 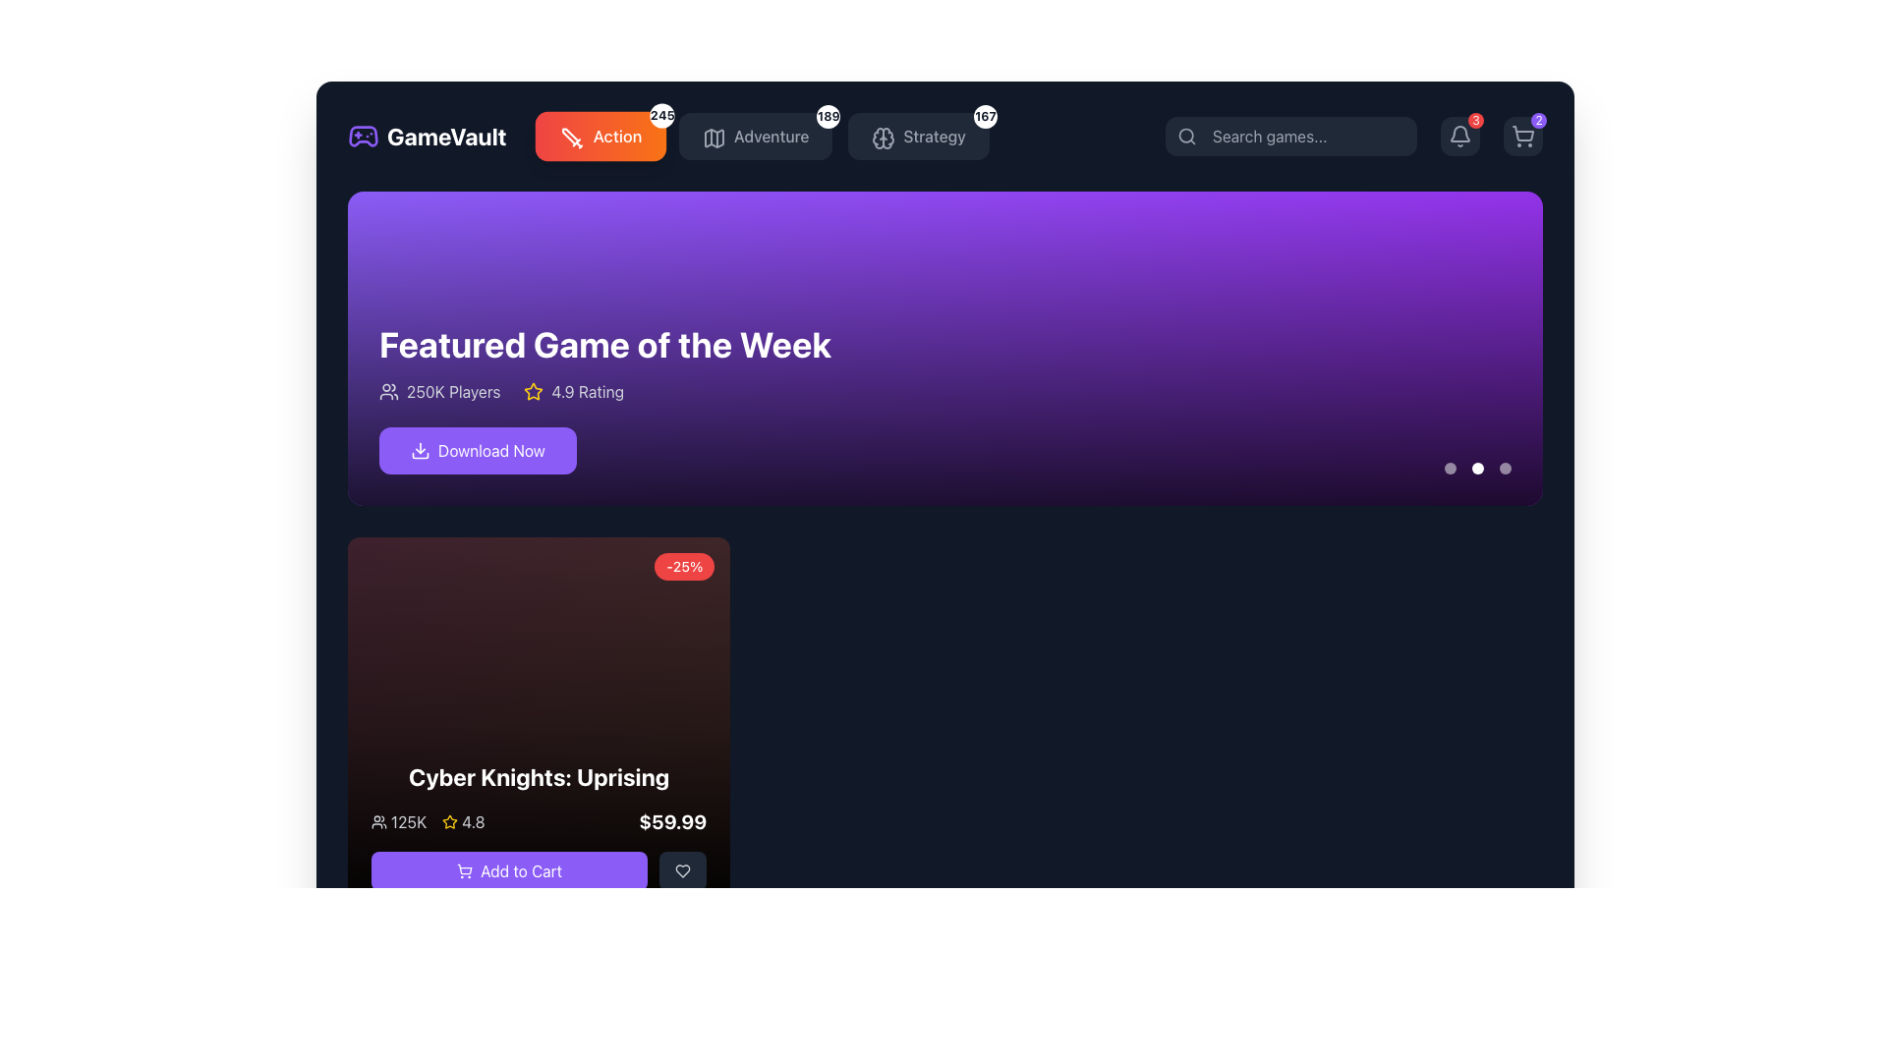 What do you see at coordinates (986, 117) in the screenshot?
I see `text displayed in the small circular badge with a white background and bold black text showing the number '167', located in the top-right corner of the 'Strategy' section in the navigation bar` at bounding box center [986, 117].